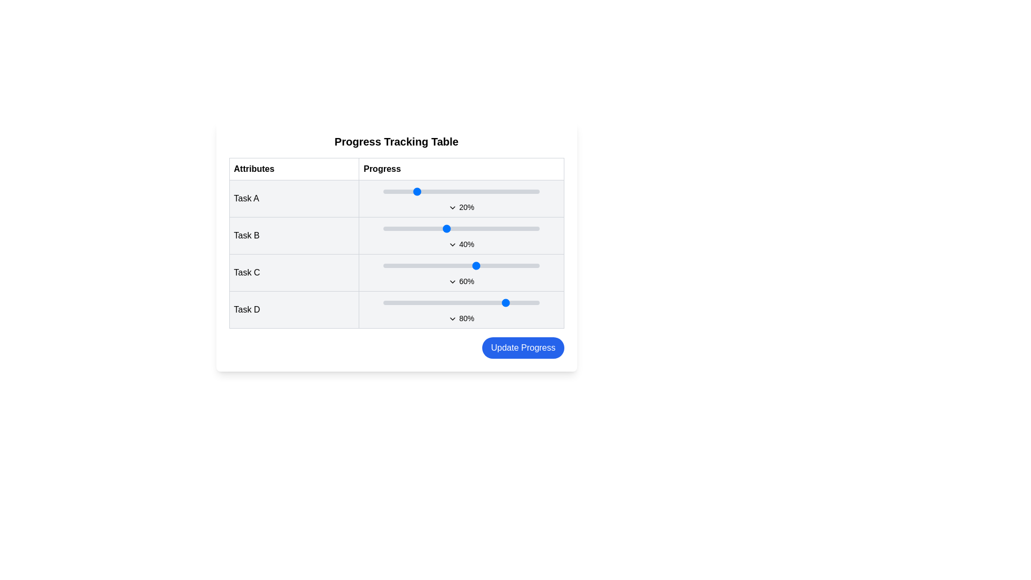  Describe the element at coordinates (514, 228) in the screenshot. I see `the progress for task B` at that location.